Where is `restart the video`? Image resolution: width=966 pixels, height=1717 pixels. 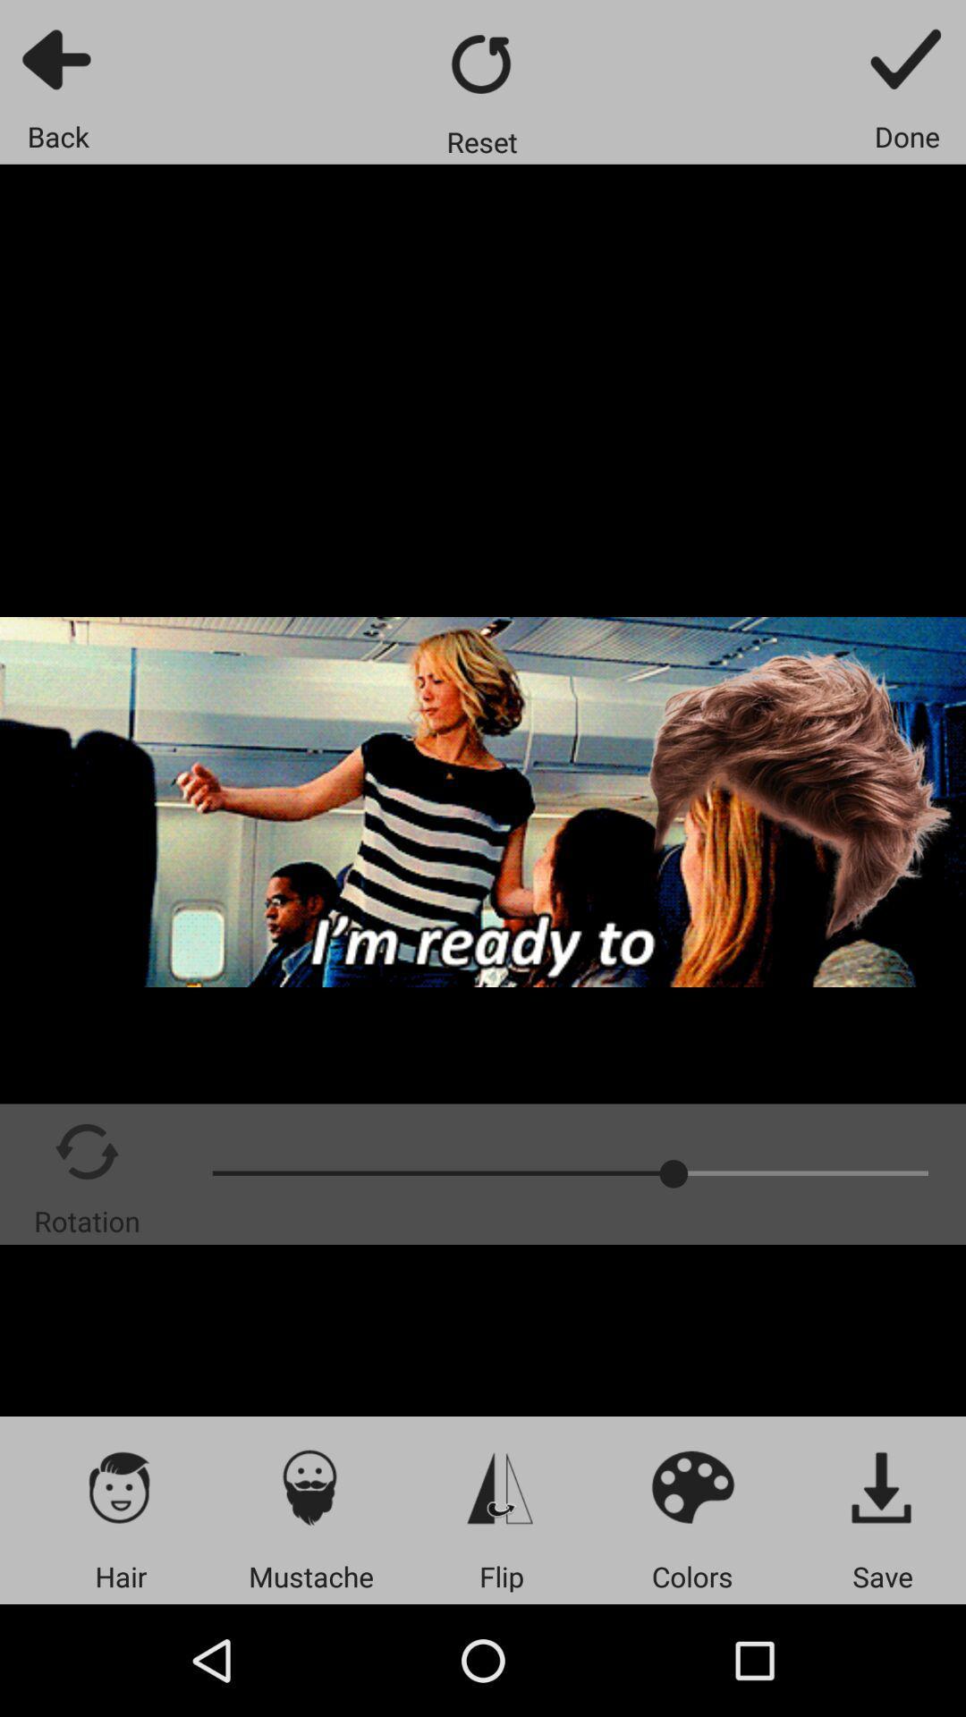 restart the video is located at coordinates (481, 63).